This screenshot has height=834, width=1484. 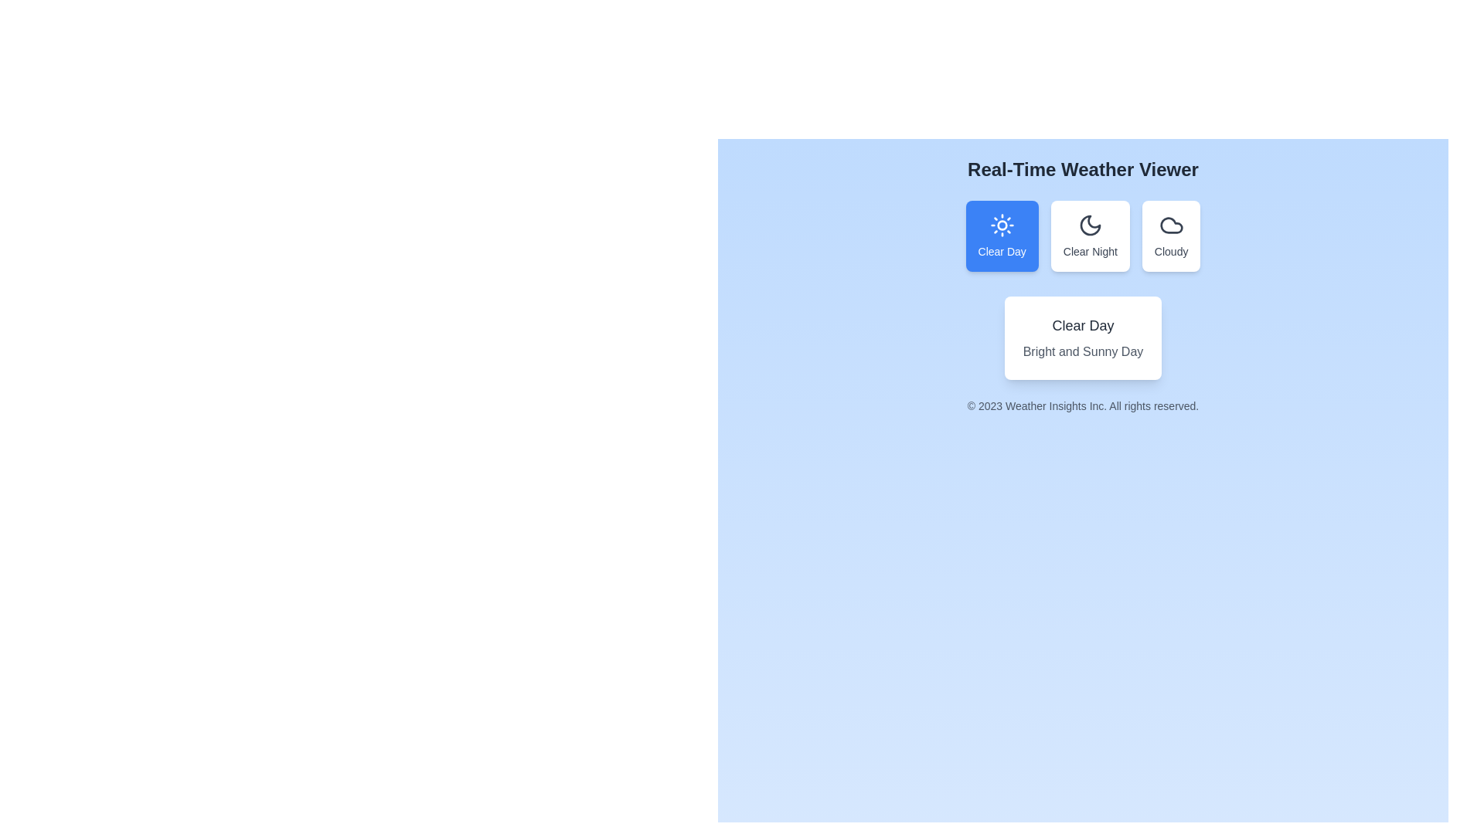 What do you see at coordinates (1002, 225) in the screenshot?
I see `the sun-shaped SVG icon, which is styled in an outlined format with a white stroke against a blue background, located in the first selectable card above the 'Clear Day' text label` at bounding box center [1002, 225].